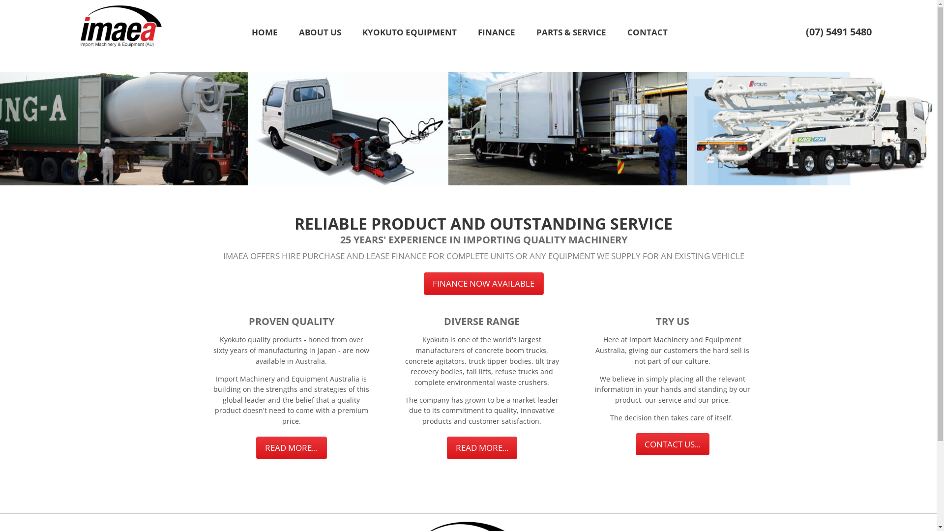 Image resolution: width=944 pixels, height=531 pixels. What do you see at coordinates (837, 31) in the screenshot?
I see `'(07) 5491 5480'` at bounding box center [837, 31].